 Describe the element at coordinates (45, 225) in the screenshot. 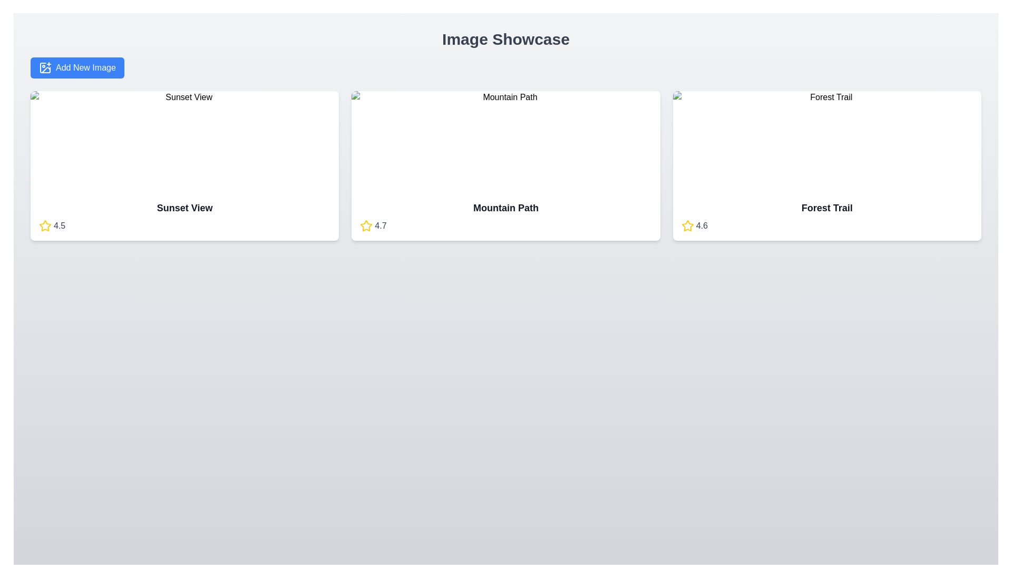

I see `the star icon with a yellow fill and an outlined circle around it, located in the bottom-left corner of the 'Sunset View' card, next to the numeric rating of 4.5` at that location.